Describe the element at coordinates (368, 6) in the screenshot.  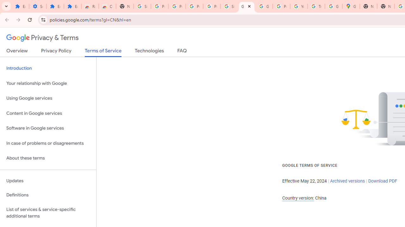
I see `'New Tab'` at that location.